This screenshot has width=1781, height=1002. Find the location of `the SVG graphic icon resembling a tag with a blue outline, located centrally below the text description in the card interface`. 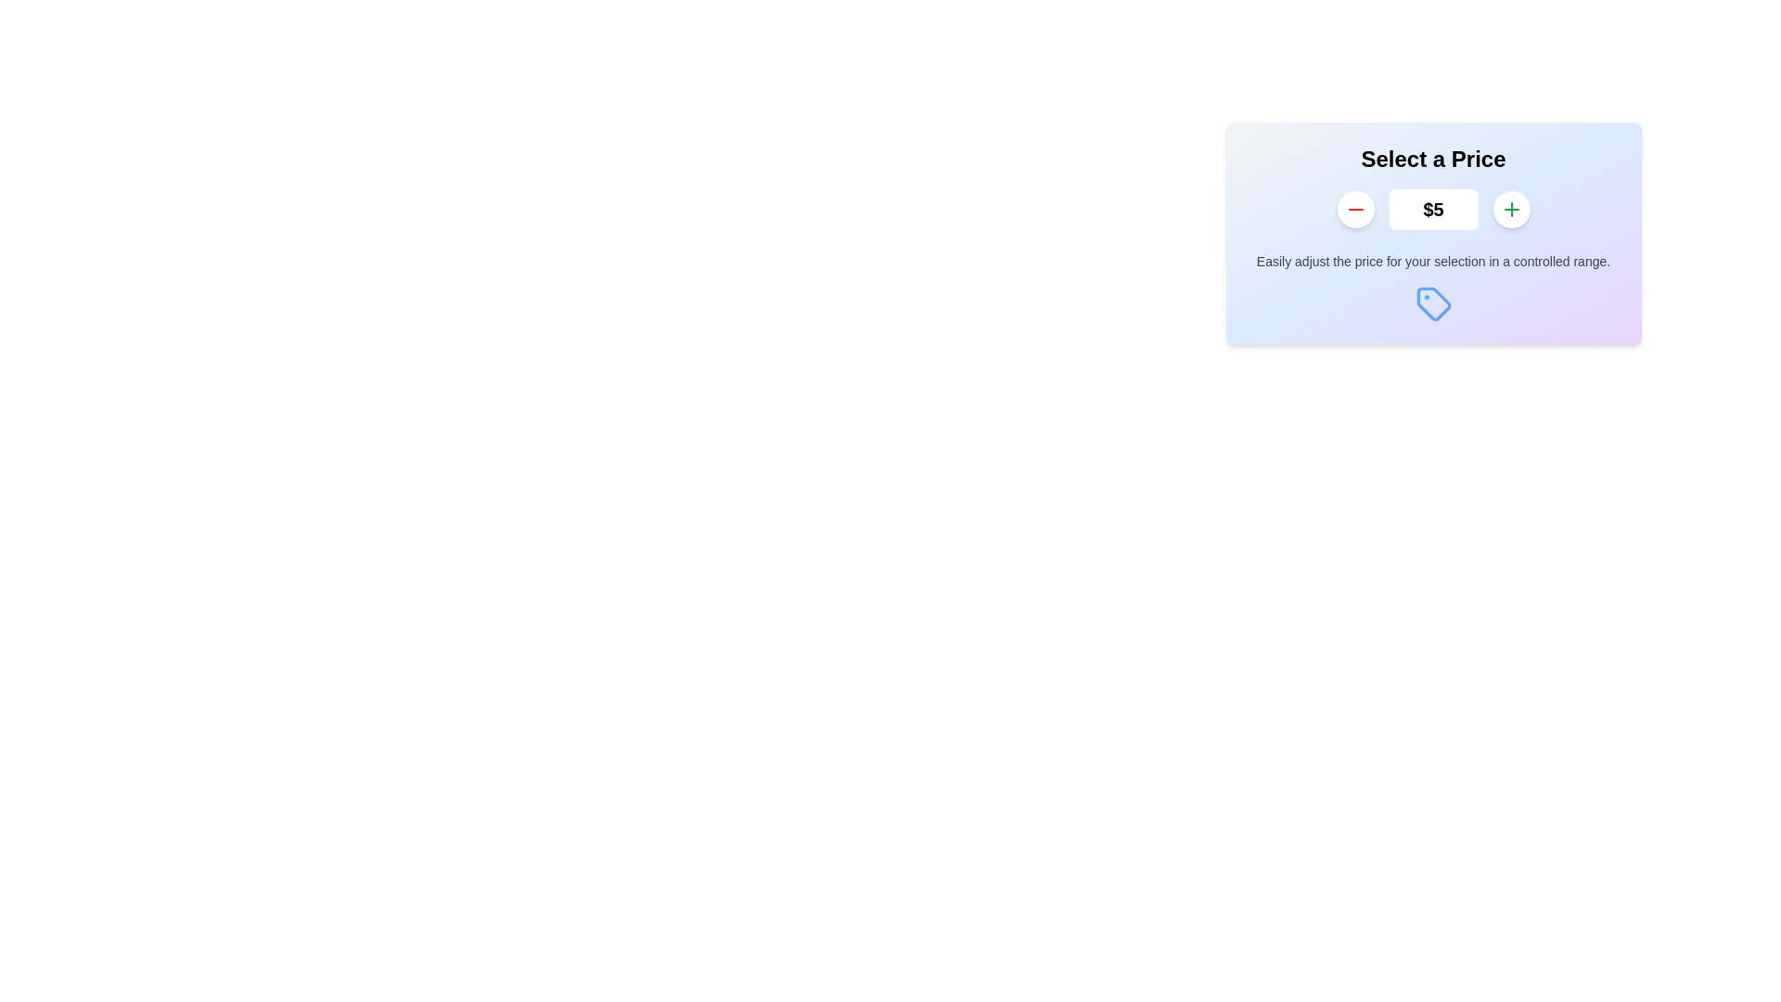

the SVG graphic icon resembling a tag with a blue outline, located centrally below the text description in the card interface is located at coordinates (1432, 302).